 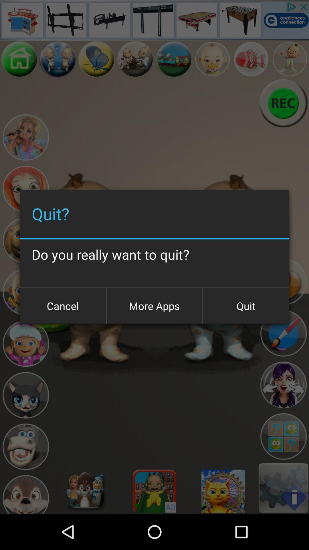 I want to click on in app advertisement, so click(x=154, y=20).